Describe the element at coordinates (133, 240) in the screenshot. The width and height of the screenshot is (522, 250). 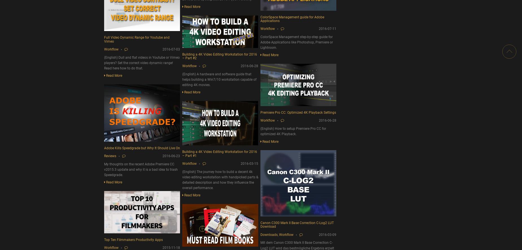
I see `'Top Ten Filmmakers Productivity Apps'` at that location.